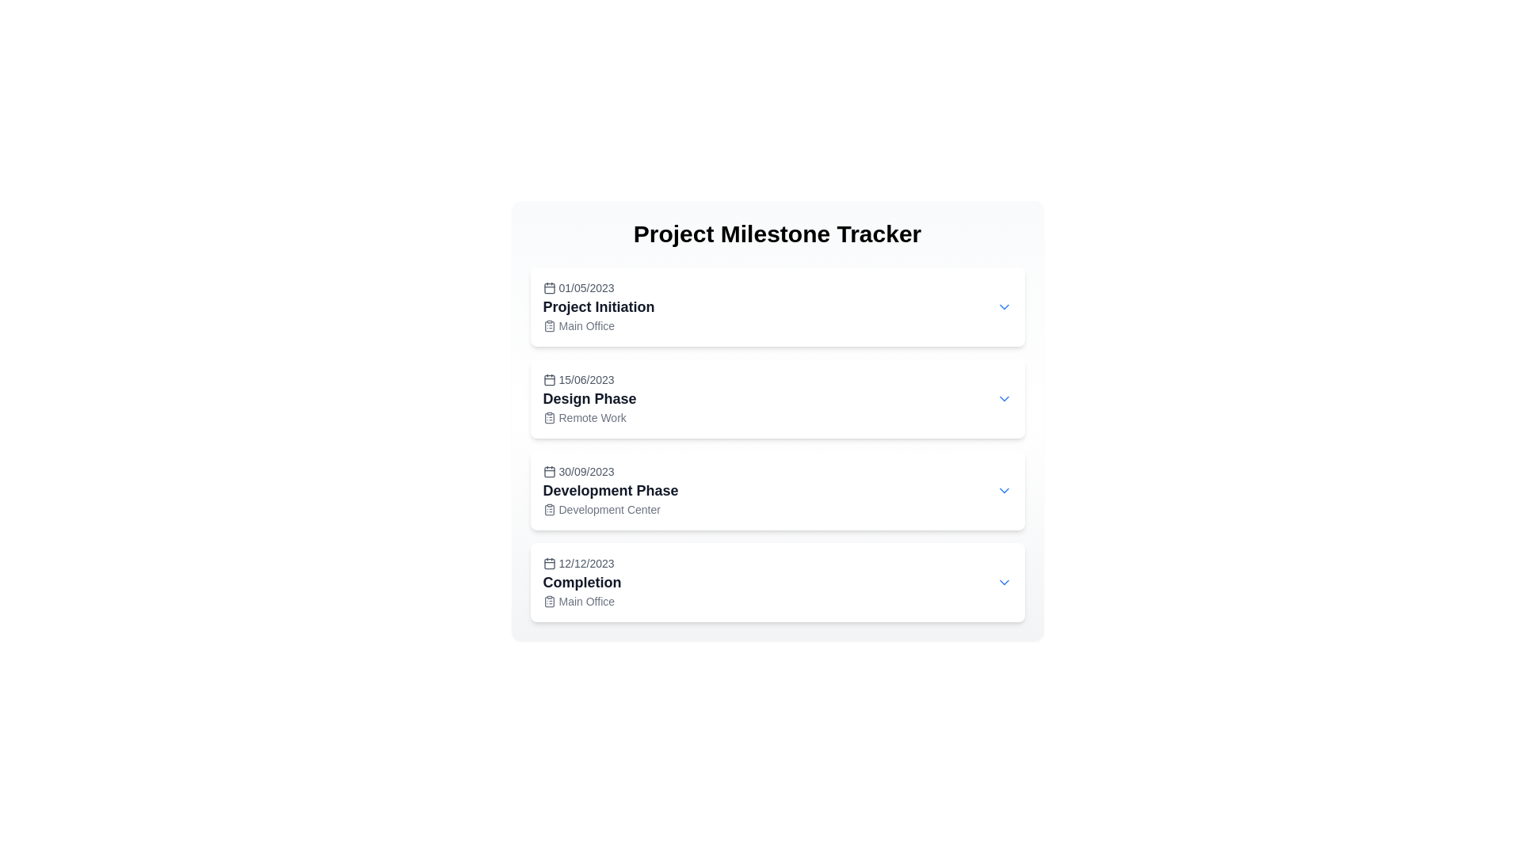 This screenshot has width=1521, height=855. Describe the element at coordinates (598, 325) in the screenshot. I see `the 'Main Office' text label, which is styled in a small, gray font and accompanied by a clipboard icon, located beneath the 'Project Initiation' title in the milestone tracker component` at that location.